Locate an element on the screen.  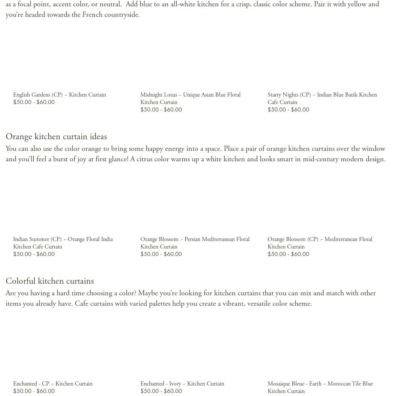
'Colorful kitchen curtains' is located at coordinates (49, 281).